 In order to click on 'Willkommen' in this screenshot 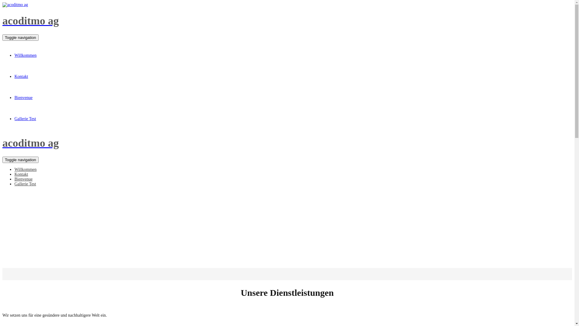, I will do `click(14, 56)`.